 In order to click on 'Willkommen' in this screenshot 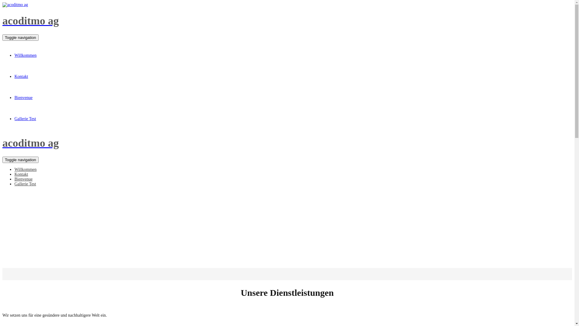, I will do `click(14, 56)`.